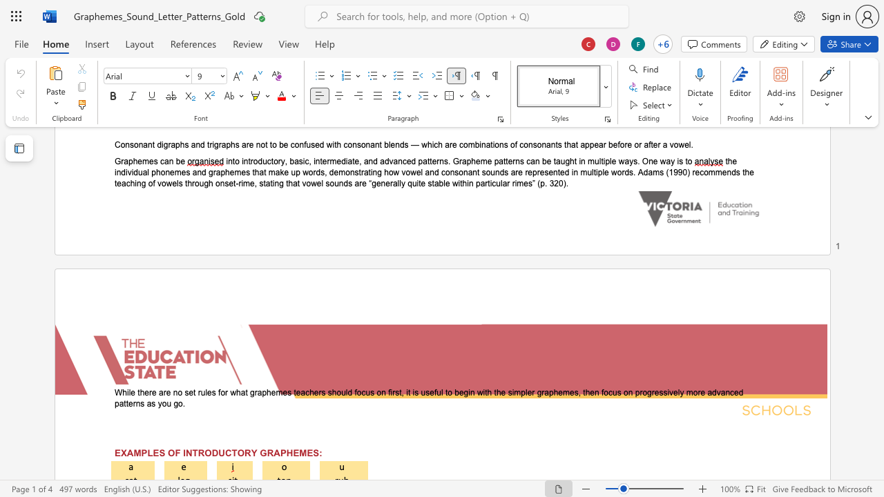  What do you see at coordinates (225, 453) in the screenshot?
I see `the space between the continuous character "U" and "C" in the text` at bounding box center [225, 453].